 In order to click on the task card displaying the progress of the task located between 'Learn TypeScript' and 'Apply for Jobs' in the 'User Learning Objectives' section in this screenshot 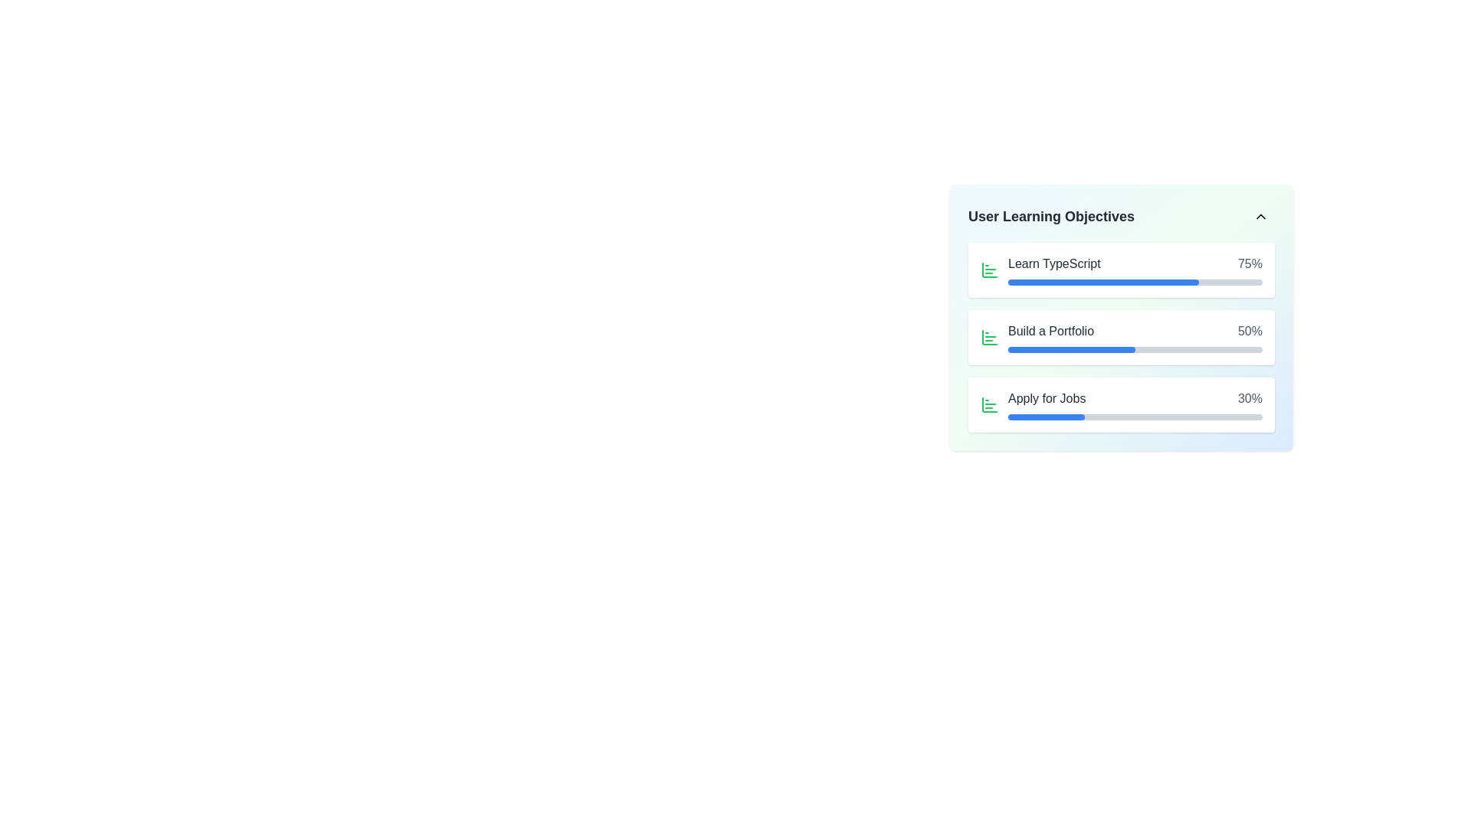, I will do `click(1122, 336)`.